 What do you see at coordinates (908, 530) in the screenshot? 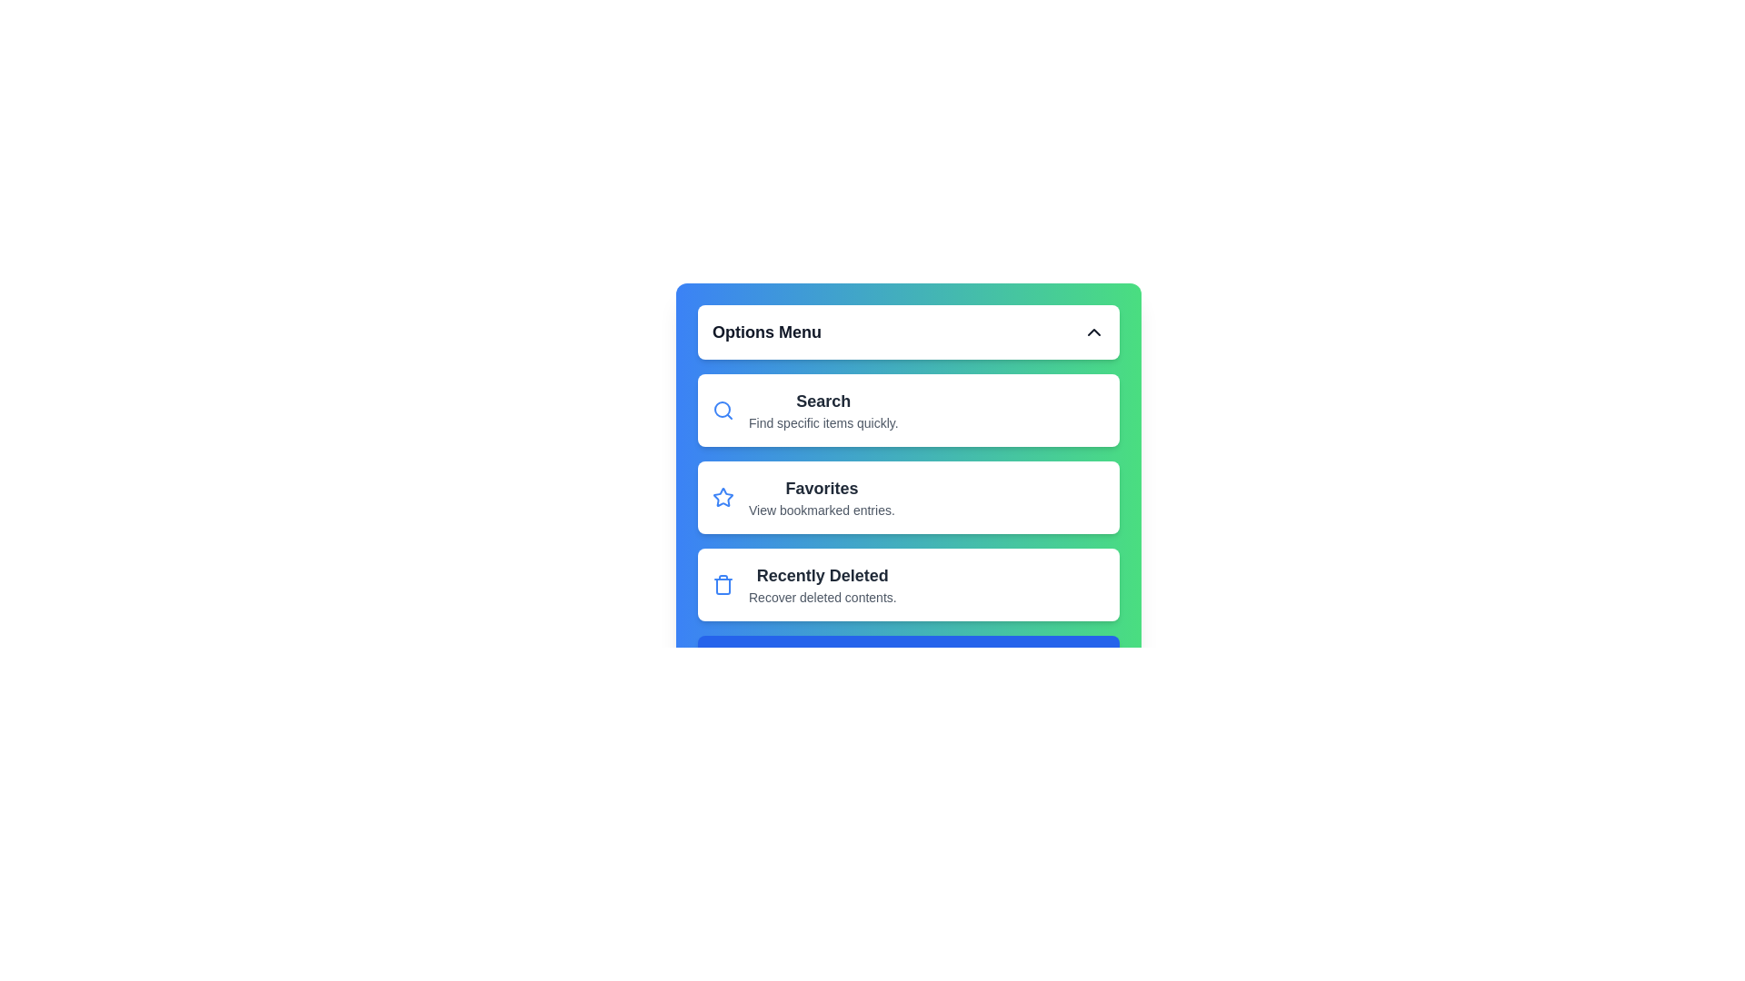
I see `the second list item in the 'Options Menu' that represents bookmarked entries or favorites` at bounding box center [908, 530].